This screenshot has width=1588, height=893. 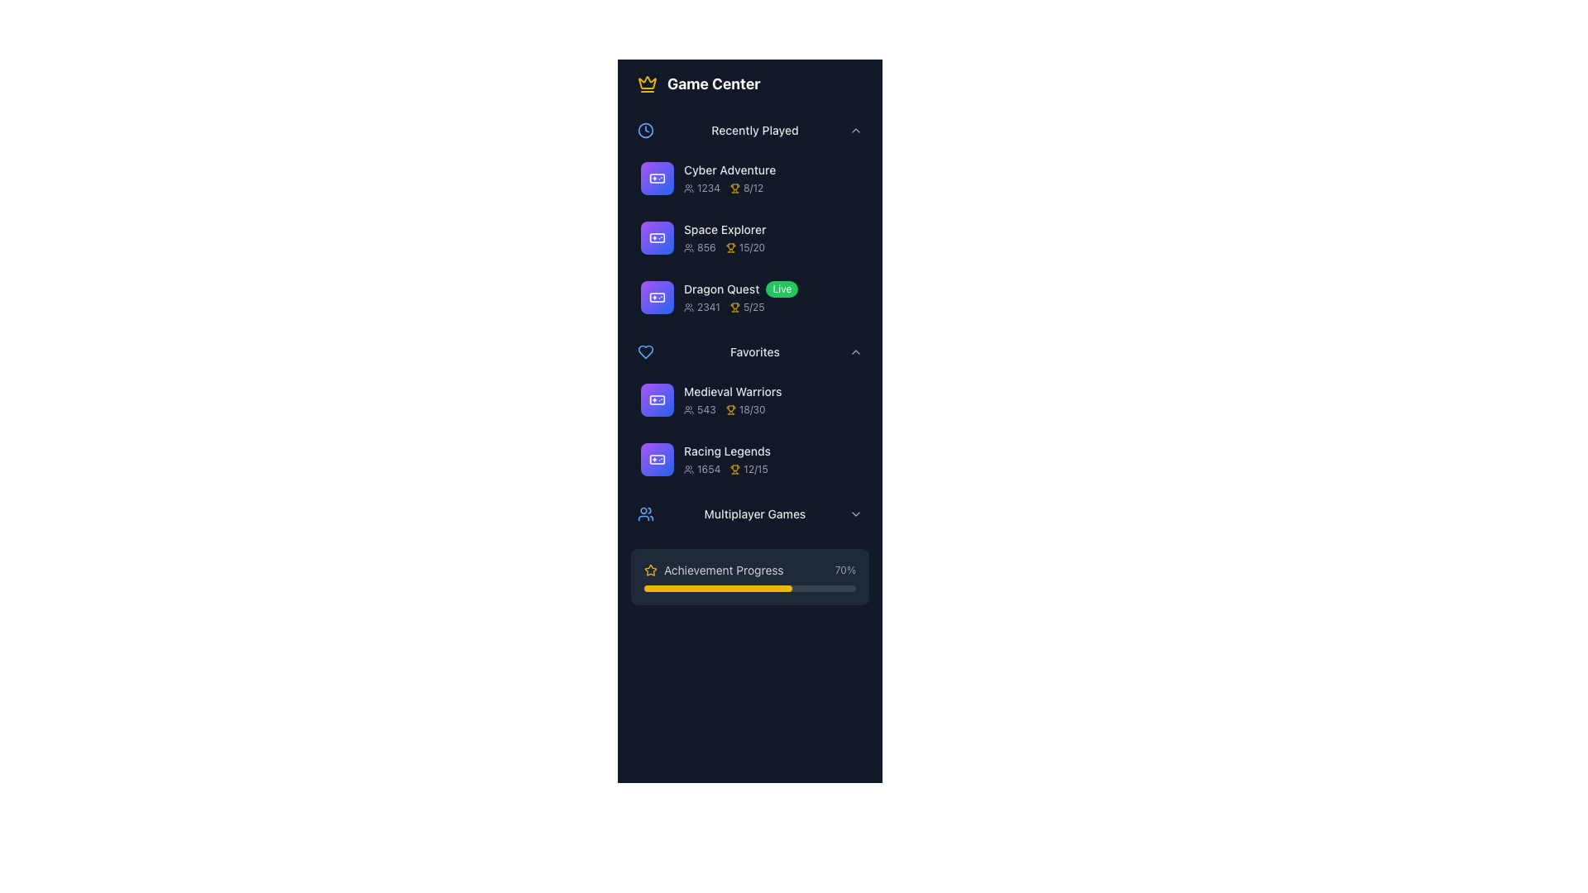 I want to click on the decorative graphic element, which is a thin horizontal rectangle with rounded corners located at the center of the game controller icon next to the 'Medieval Warriors' title under the 'Favorites' section, so click(x=657, y=399).